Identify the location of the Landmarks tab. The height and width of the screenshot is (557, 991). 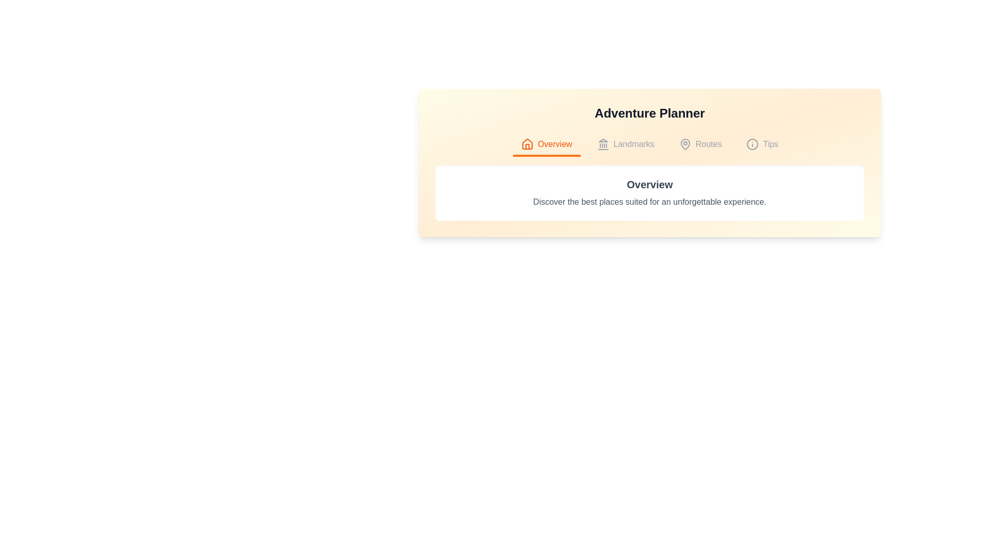
(625, 145).